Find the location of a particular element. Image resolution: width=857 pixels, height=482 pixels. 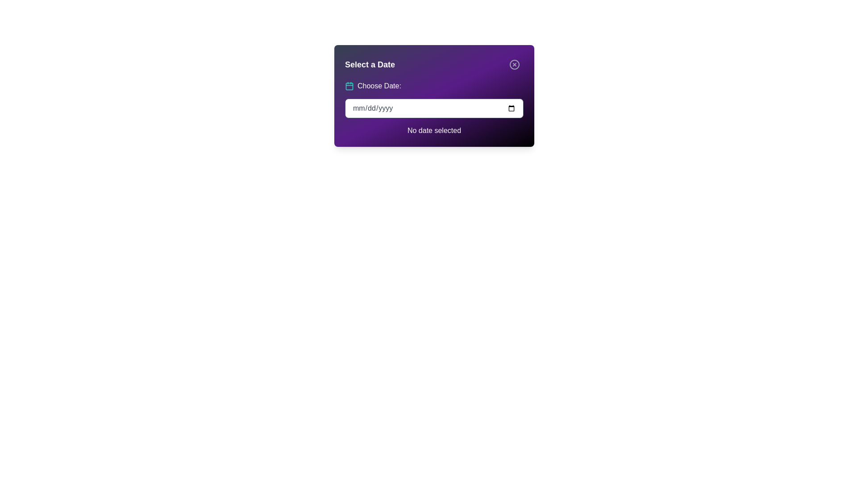

the static text display that indicates the absence of a selected date, positioned beneath the 'Choose Date:' input field is located at coordinates (434, 131).